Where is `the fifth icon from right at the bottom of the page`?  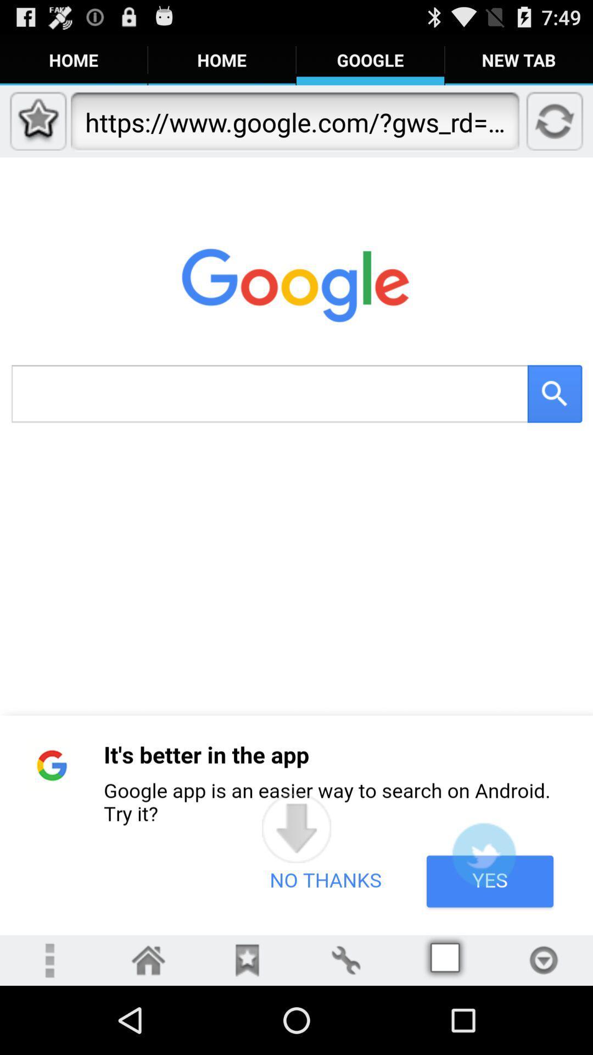 the fifth icon from right at the bottom of the page is located at coordinates (445, 959).